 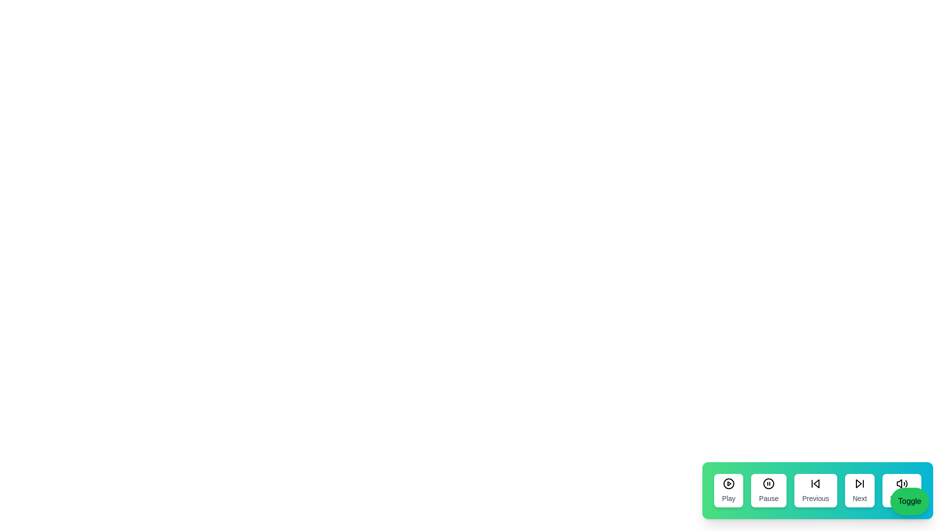 I want to click on the 'Toggle' button to change the visibility of the control panel, so click(x=909, y=501).